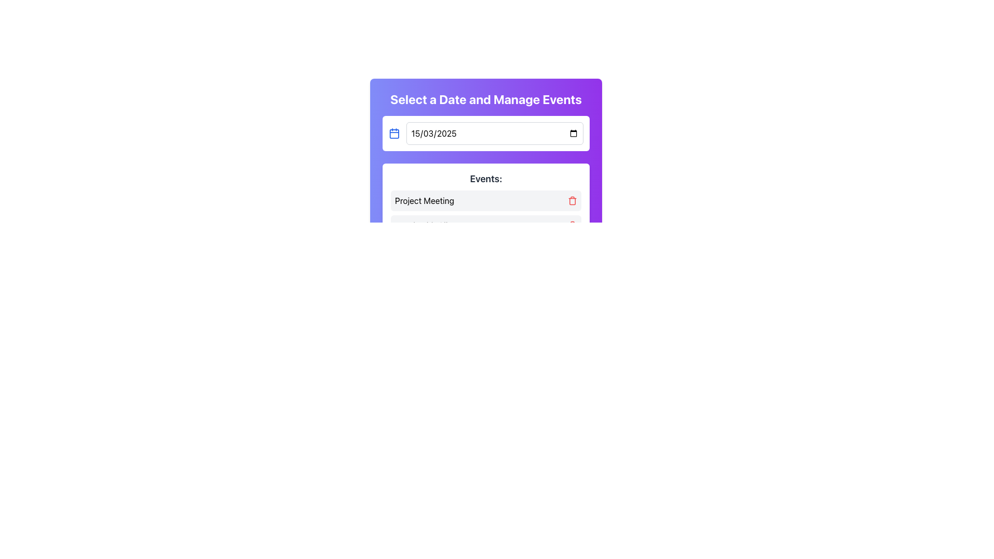 The width and height of the screenshot is (994, 559). Describe the element at coordinates (486, 225) in the screenshot. I see `the list item displaying 'Lunch with Client'` at that location.